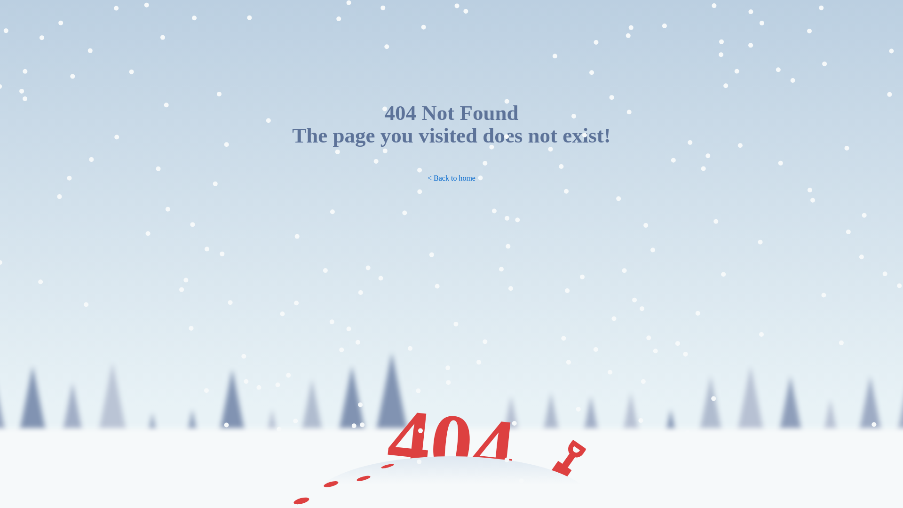 This screenshot has height=508, width=903. Describe the element at coordinates (427, 178) in the screenshot. I see `'< Back to home'` at that location.